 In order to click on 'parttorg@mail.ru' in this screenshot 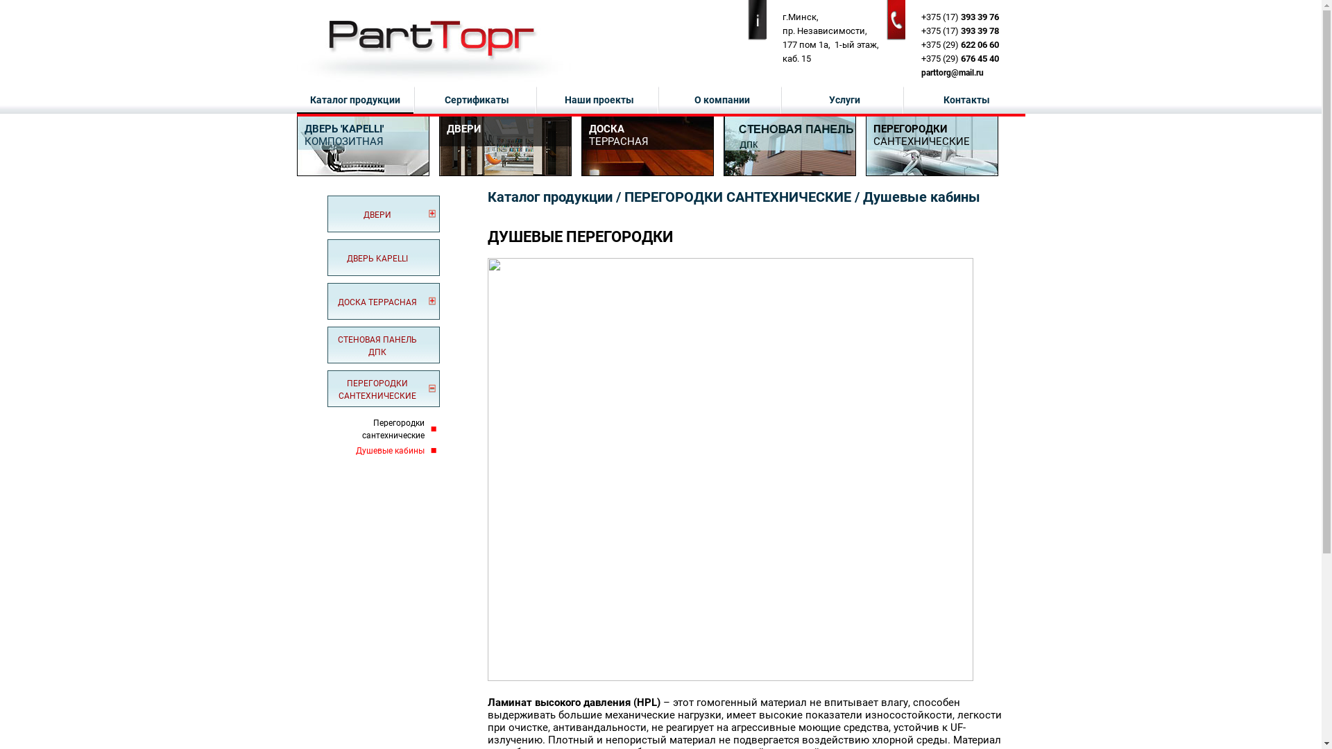, I will do `click(951, 72)`.